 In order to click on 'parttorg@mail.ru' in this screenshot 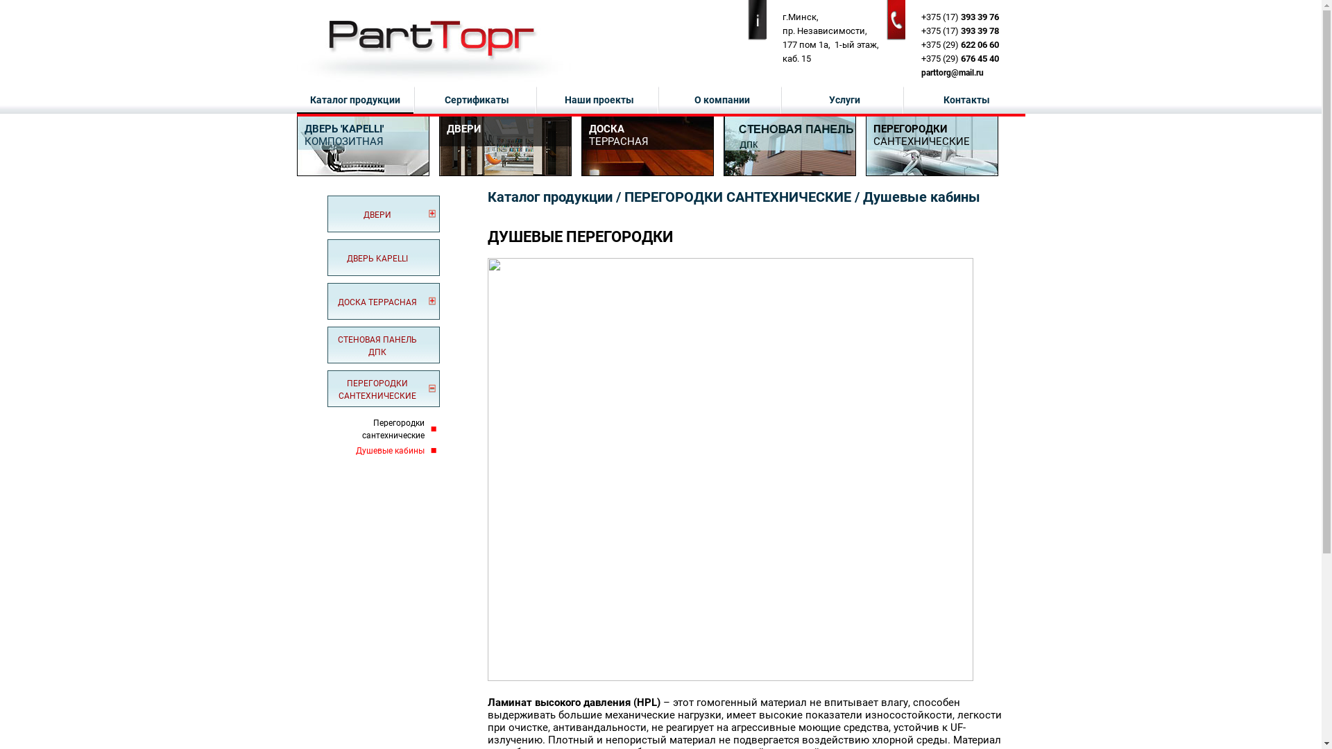, I will do `click(951, 72)`.